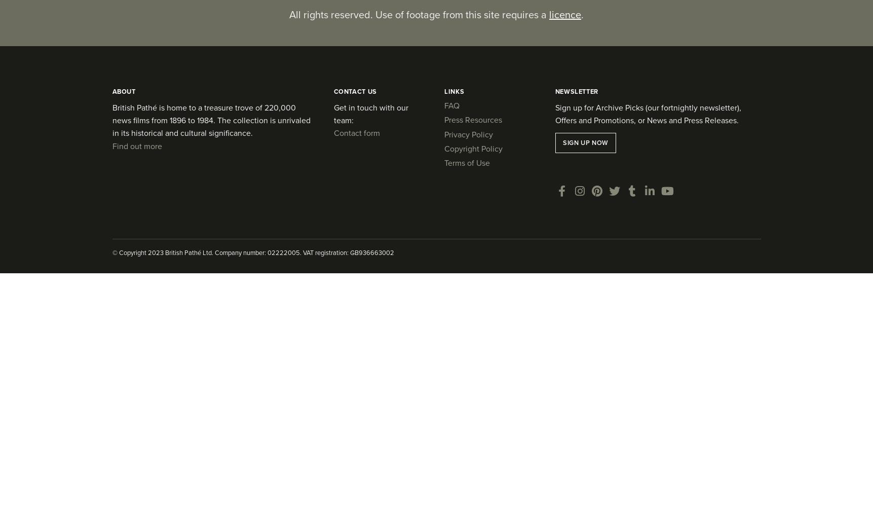  I want to click on 'Press Resources', so click(444, 119).